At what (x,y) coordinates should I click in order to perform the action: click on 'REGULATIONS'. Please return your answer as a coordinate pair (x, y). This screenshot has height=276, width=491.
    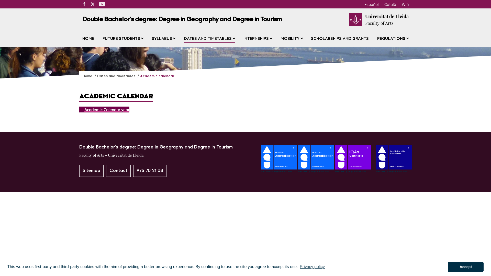
    Looking at the image, I should click on (374, 39).